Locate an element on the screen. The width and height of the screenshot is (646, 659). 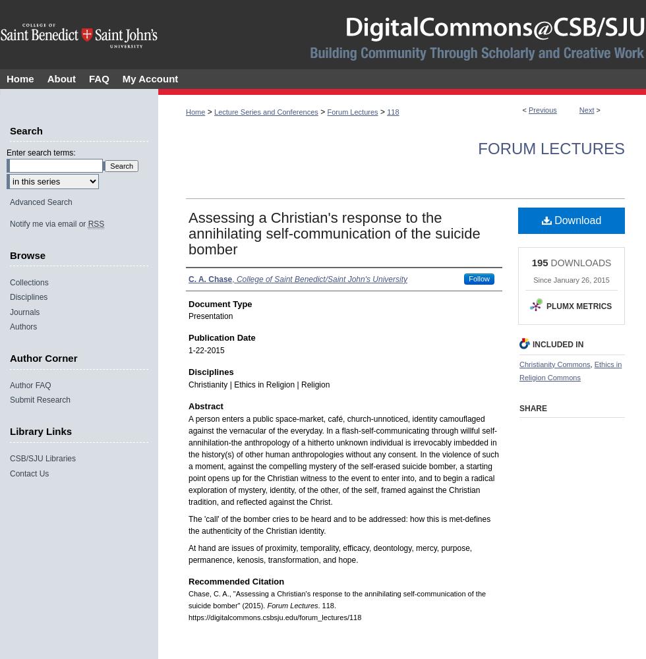
'Authors' is located at coordinates (23, 326).